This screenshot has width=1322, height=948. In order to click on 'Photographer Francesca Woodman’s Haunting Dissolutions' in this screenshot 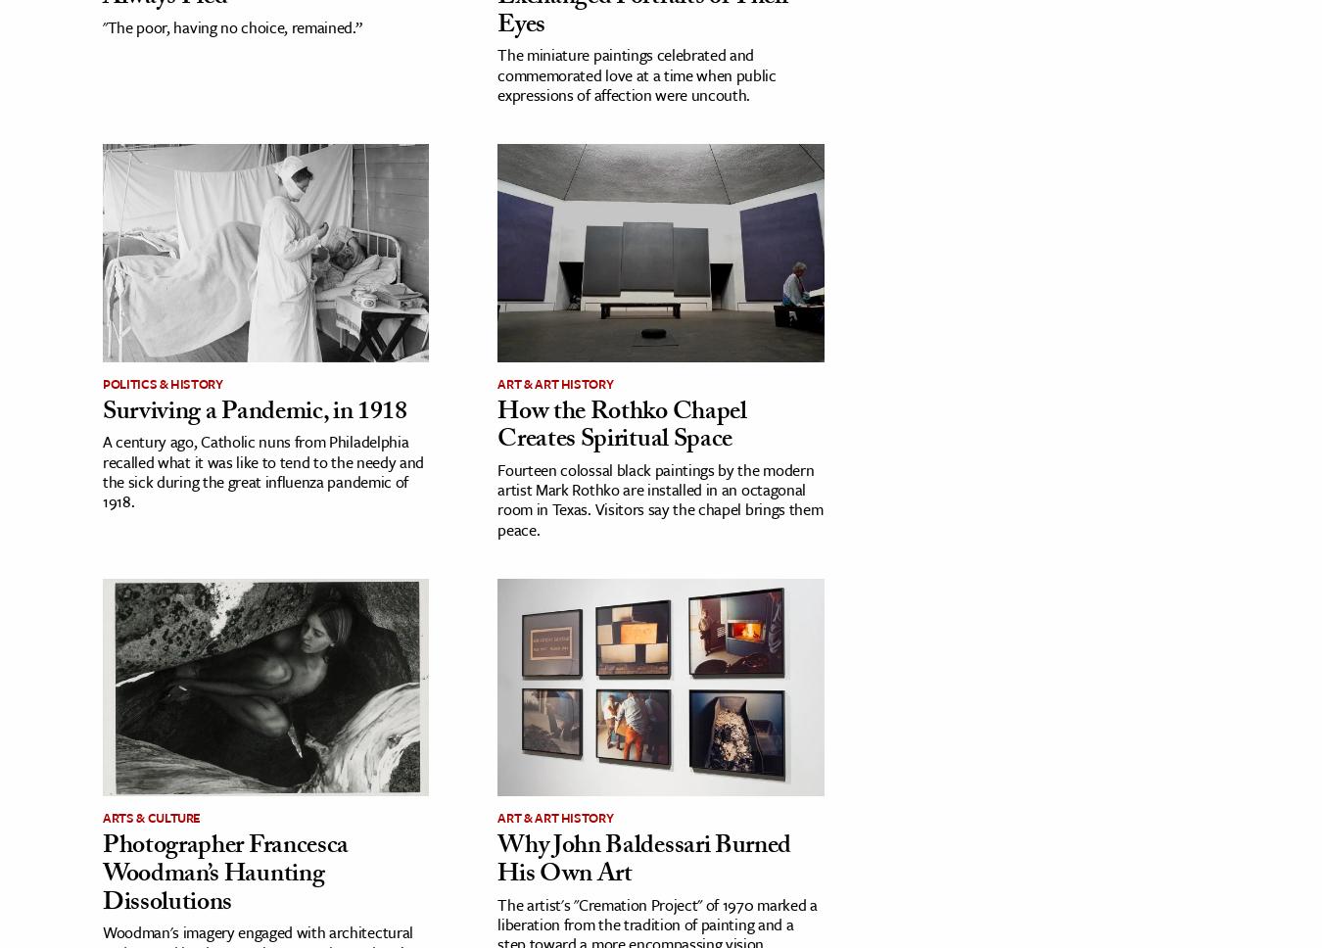, I will do `click(224, 876)`.